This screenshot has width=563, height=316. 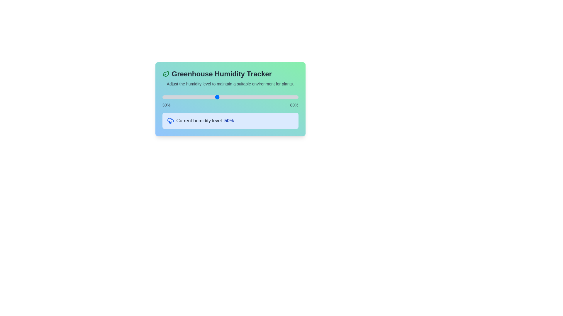 What do you see at coordinates (222, 97) in the screenshot?
I see `the humidity level to 52% using the slider` at bounding box center [222, 97].